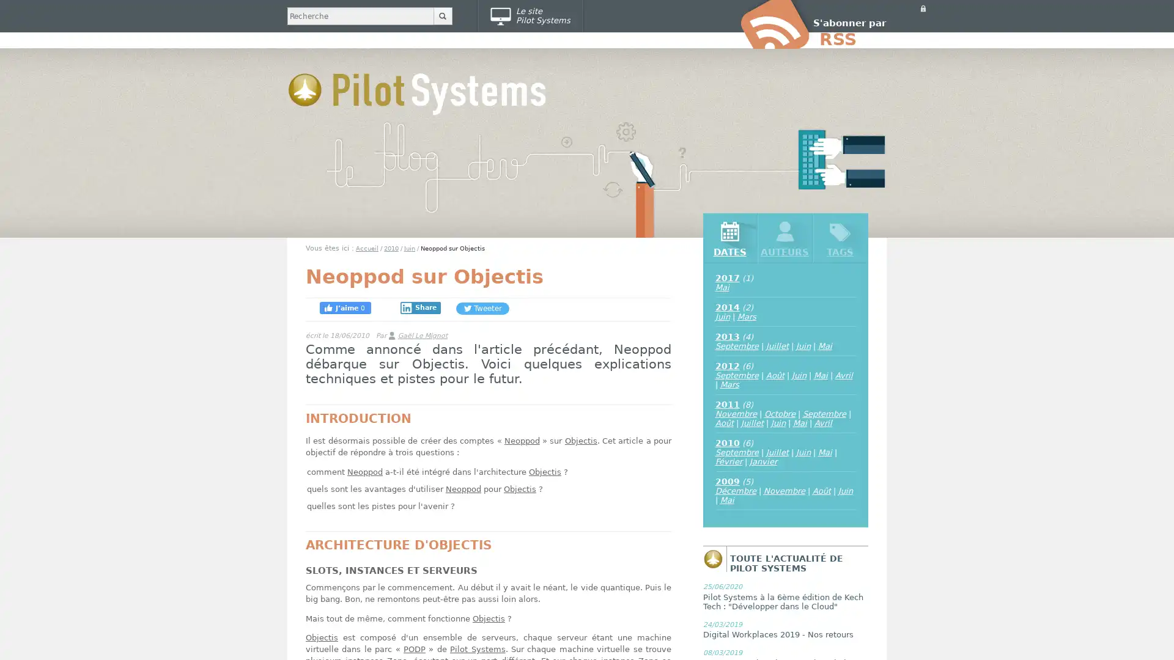  I want to click on Rechercher, so click(442, 16).